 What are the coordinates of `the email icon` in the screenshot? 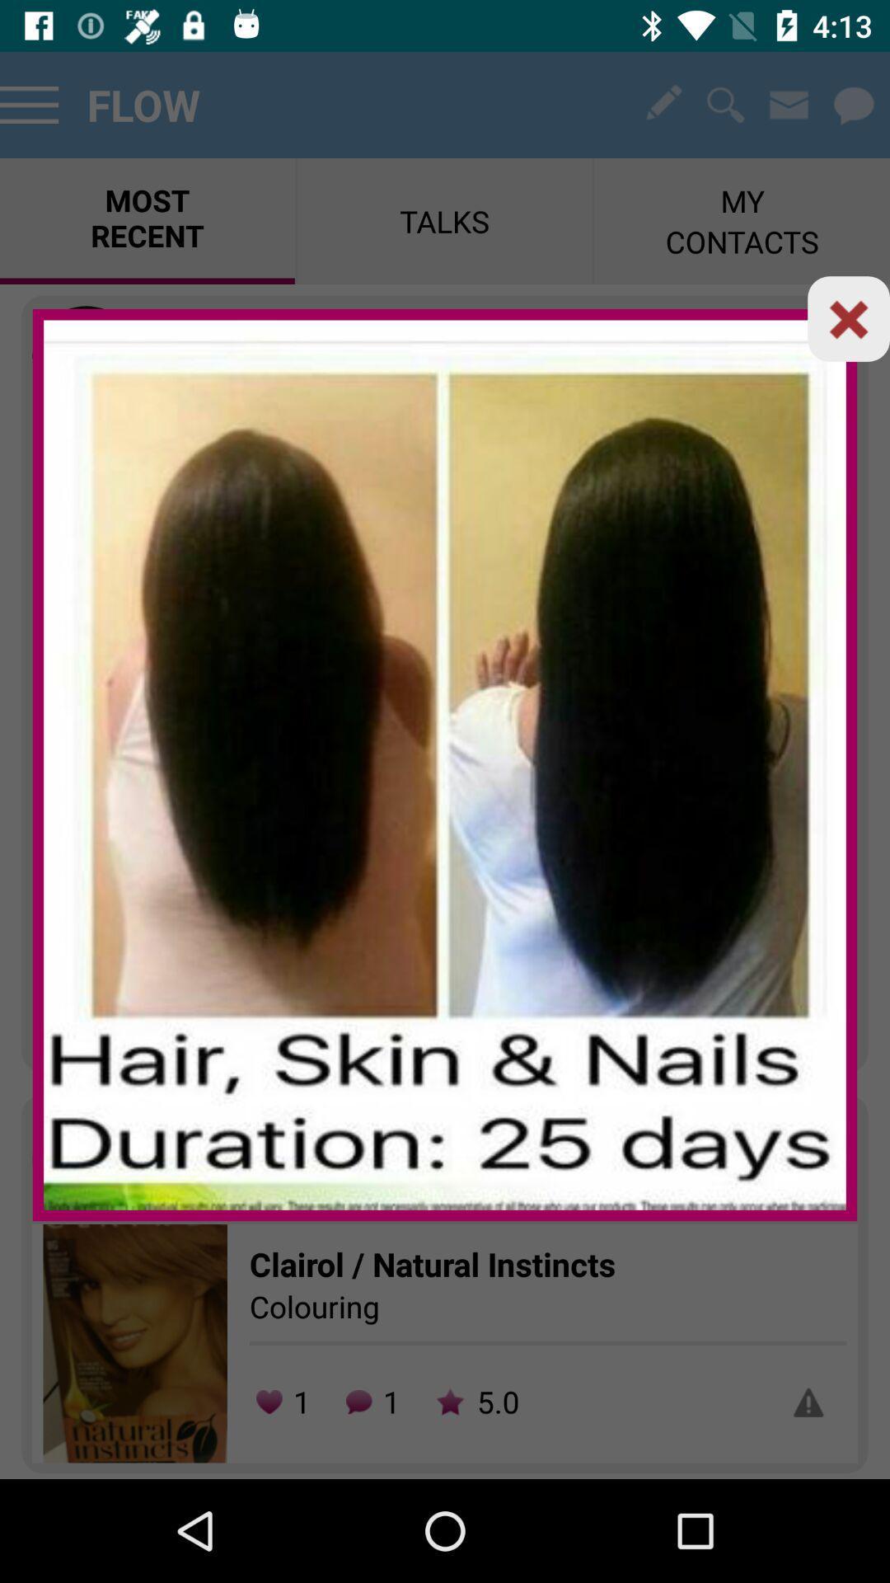 It's located at (787, 104).